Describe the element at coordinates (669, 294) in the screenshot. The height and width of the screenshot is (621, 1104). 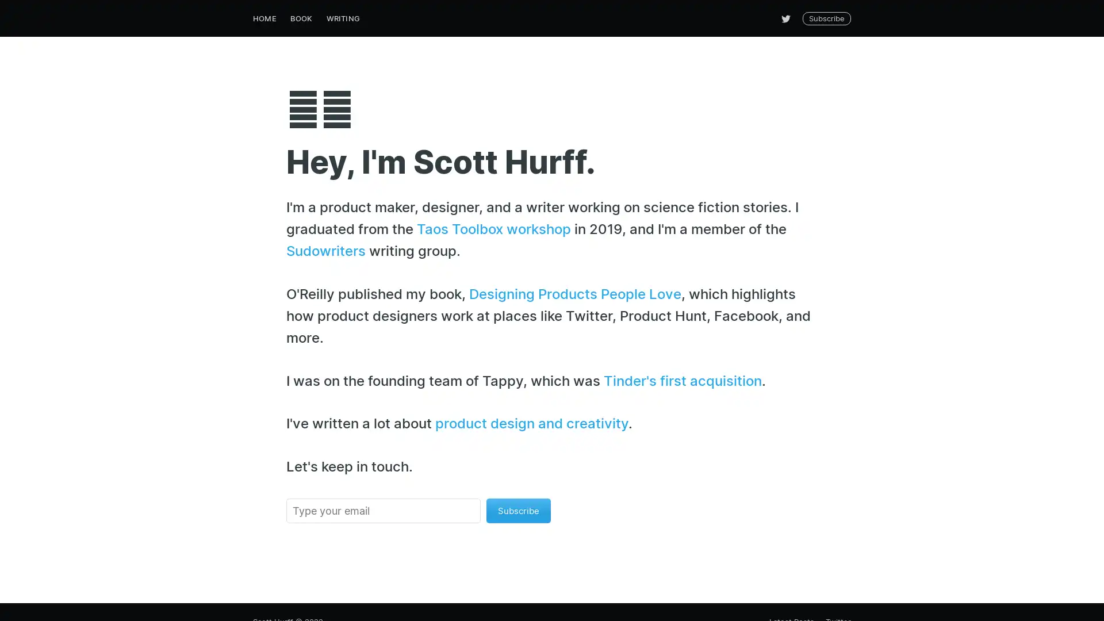
I see `Subscribe` at that location.